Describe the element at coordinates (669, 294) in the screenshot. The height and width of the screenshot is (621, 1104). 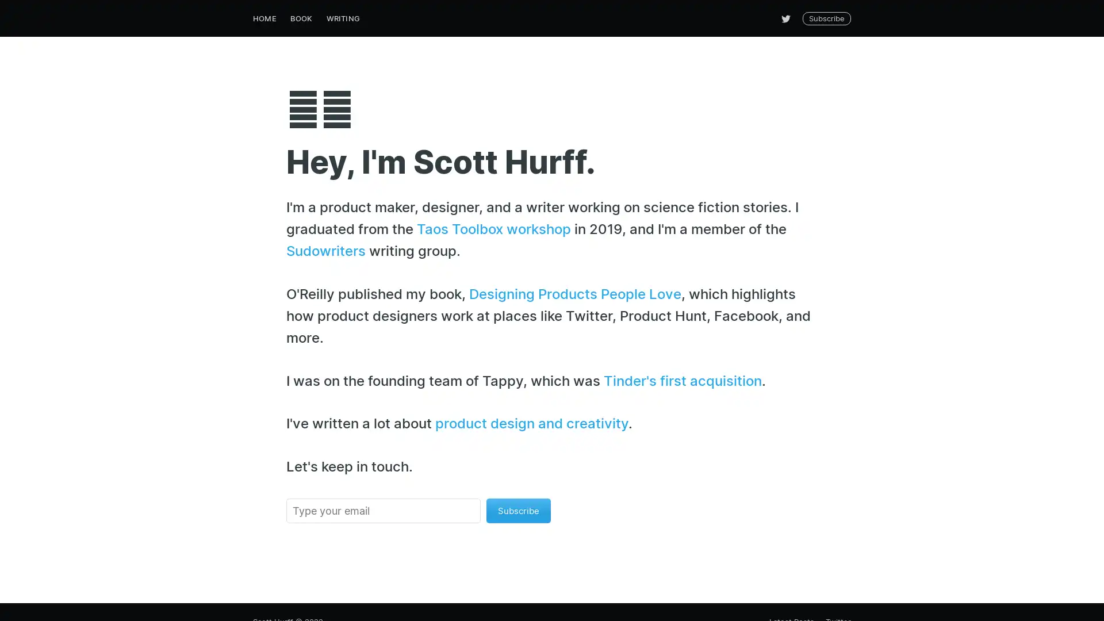
I see `Subscribe` at that location.